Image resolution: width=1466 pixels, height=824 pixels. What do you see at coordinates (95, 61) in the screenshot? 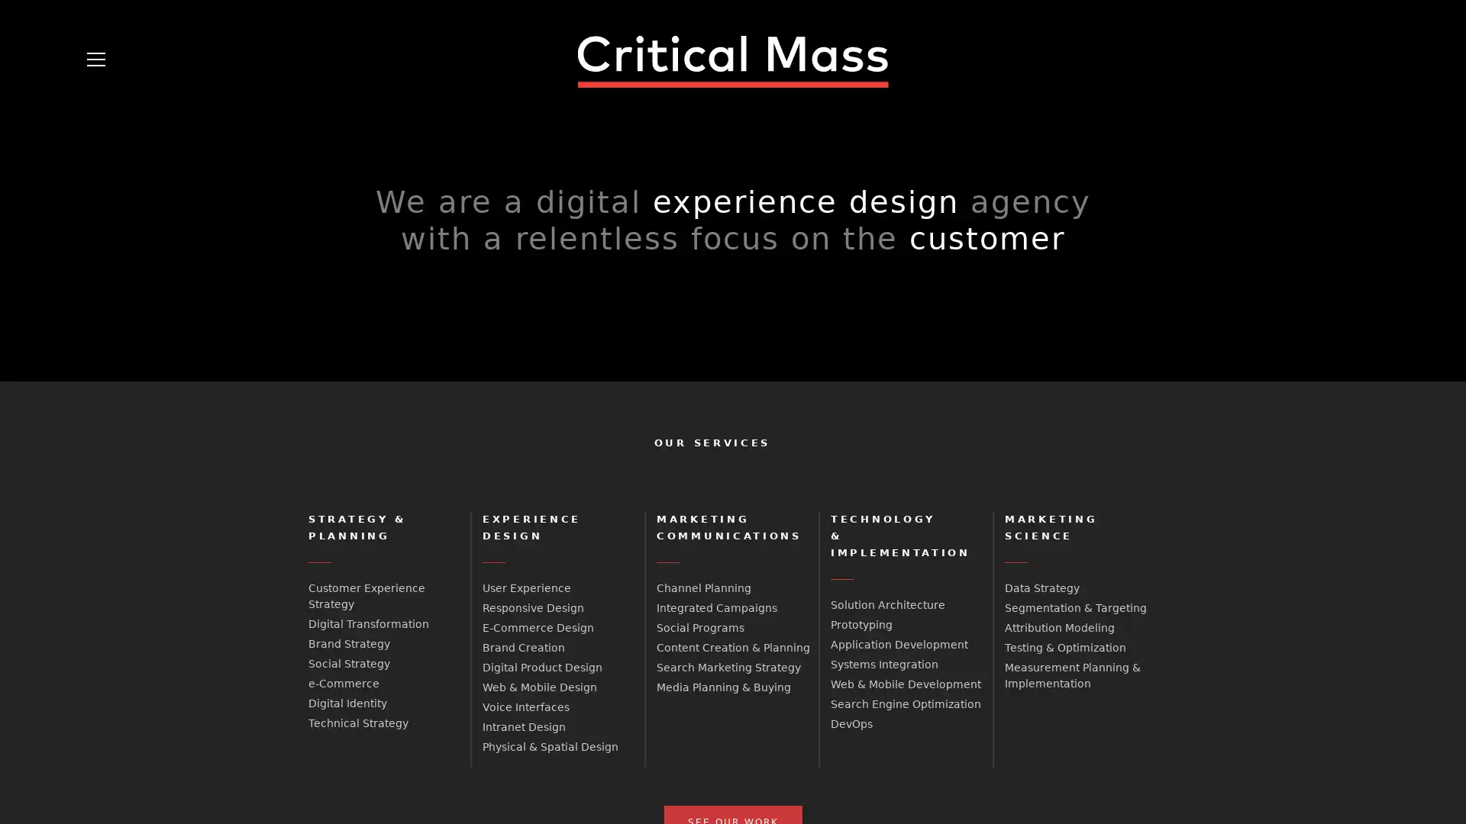
I see `Open Menu` at bounding box center [95, 61].